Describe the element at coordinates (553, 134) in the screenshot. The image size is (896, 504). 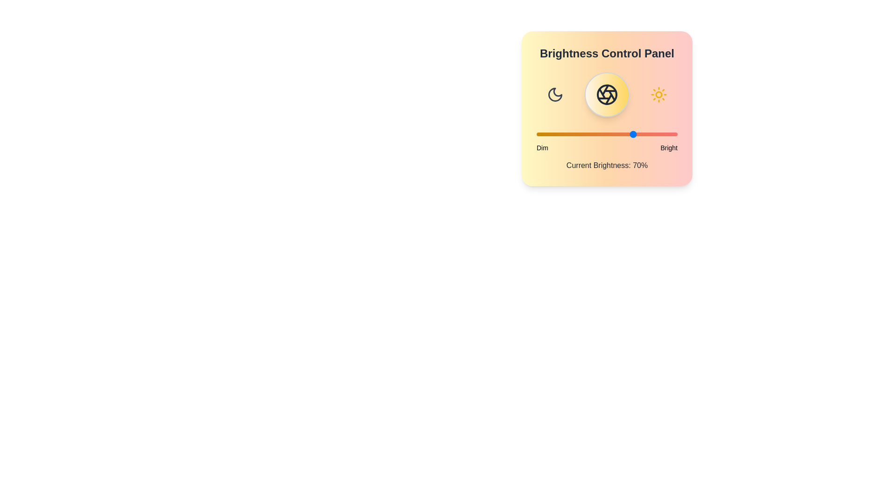
I see `the brightness slider to 12%` at that location.